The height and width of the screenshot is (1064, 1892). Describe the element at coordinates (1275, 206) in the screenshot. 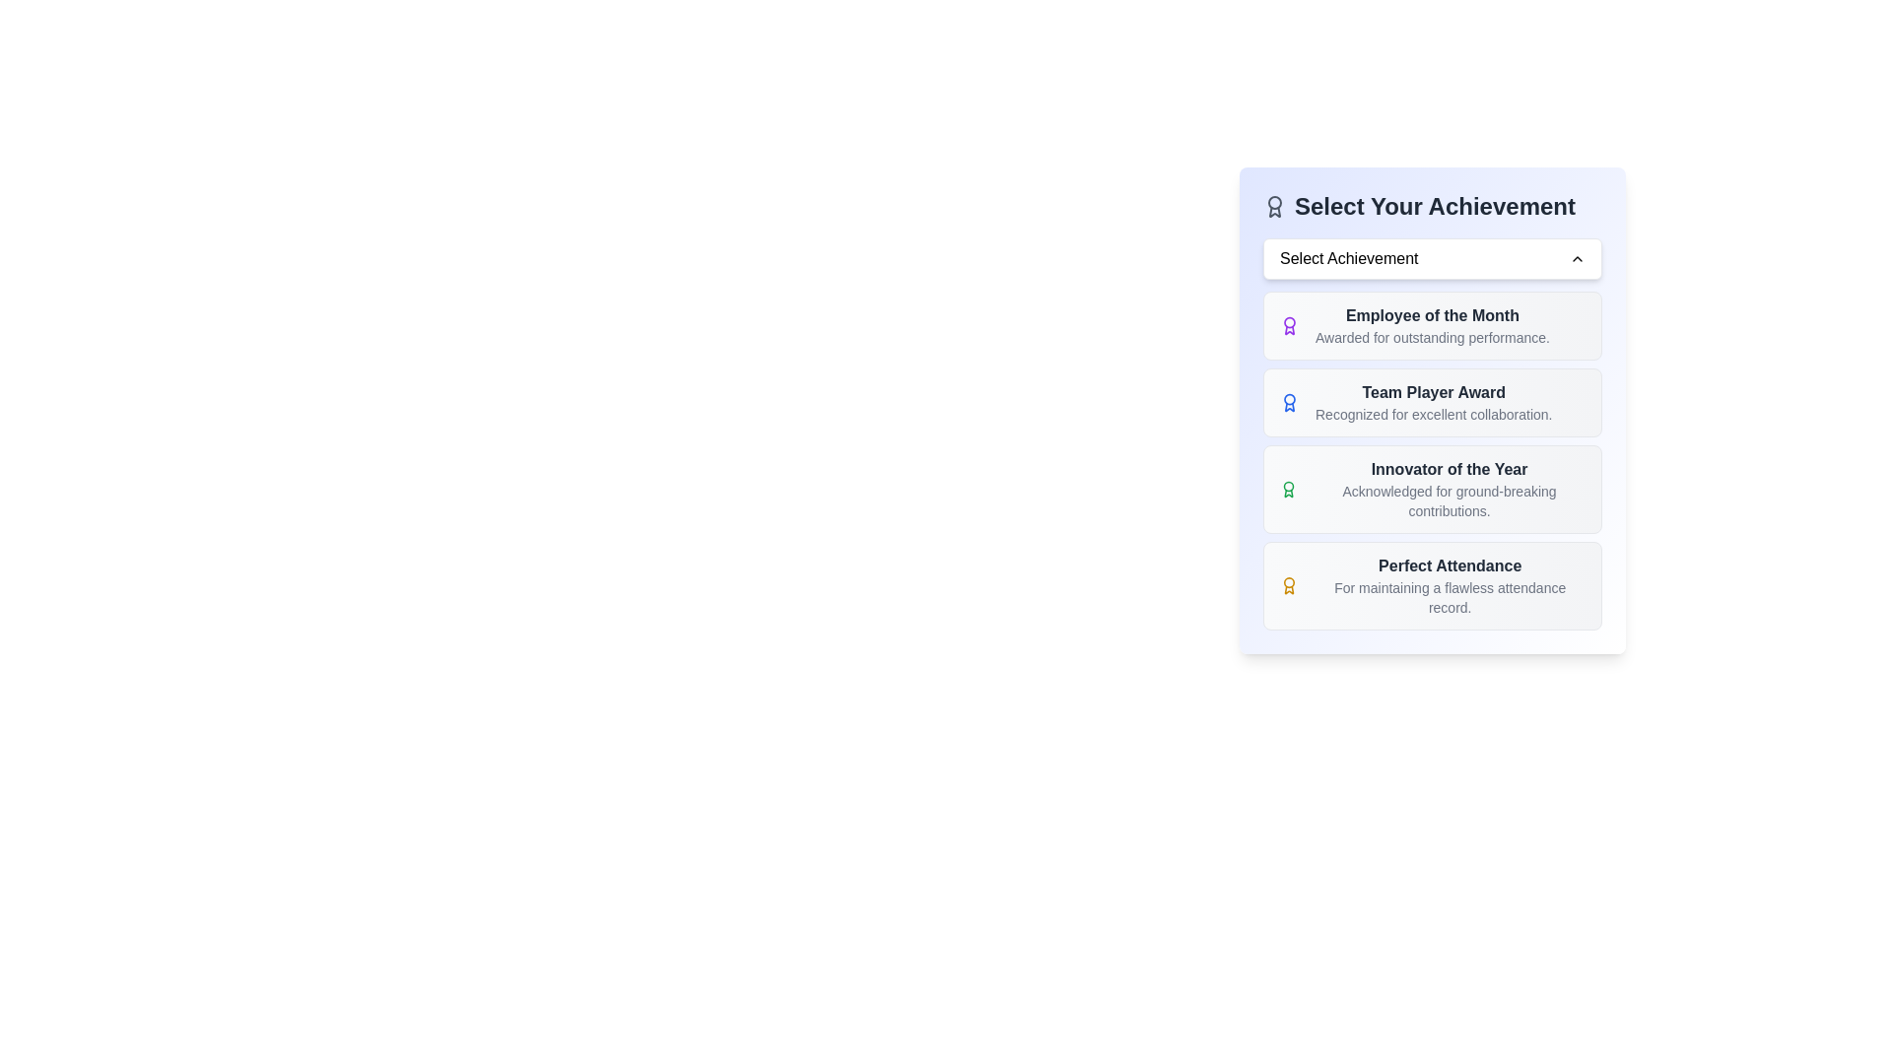

I see `the achievements icon located at the top-left corner of the header section, before the title 'Select Your Achievement'` at that location.